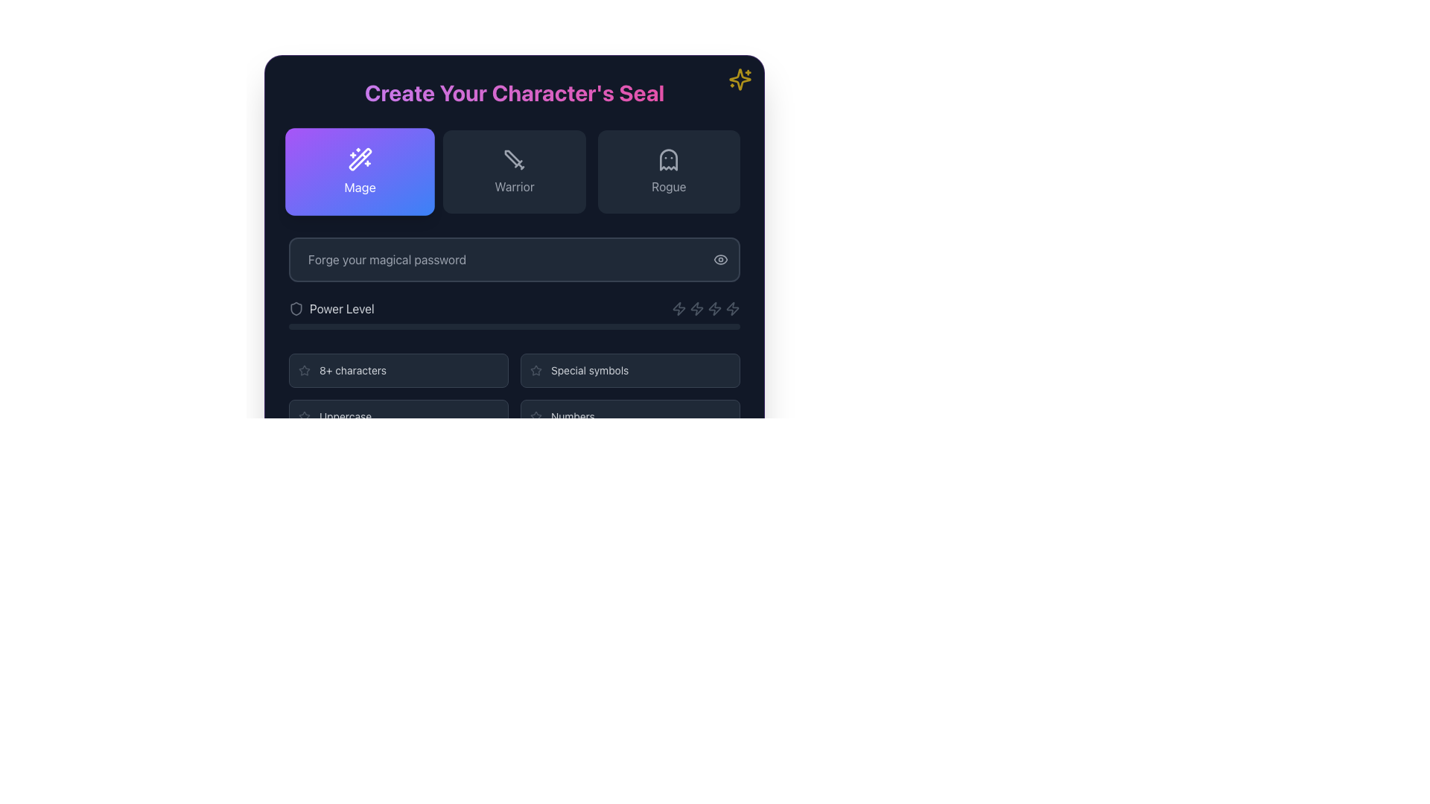 This screenshot has height=804, width=1430. Describe the element at coordinates (515, 171) in the screenshot. I see `the 'Warrior' character class selection button located in the middle of the three-button row below the 'Create Your Character's Seal' header` at that location.